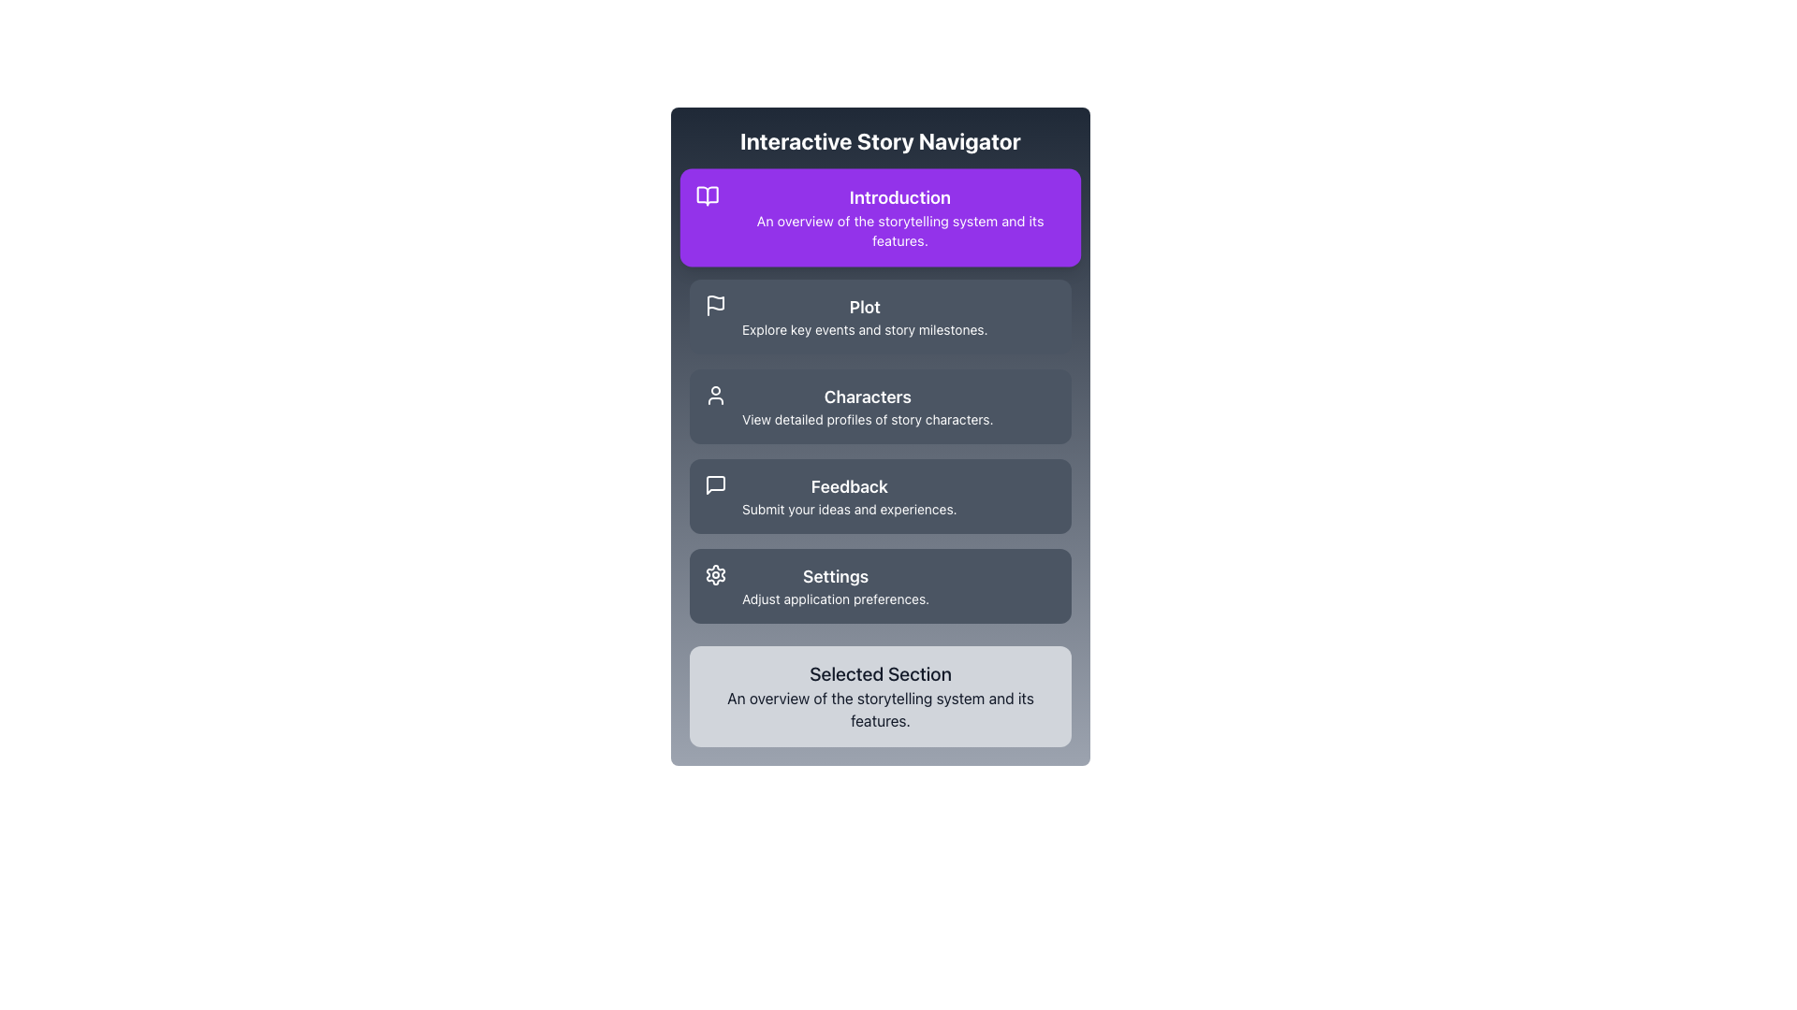  Describe the element at coordinates (714, 484) in the screenshot. I see `the speech bubble icon located to the left of the 'Feedback' text label in the fourth interactive item of the vertical navigation menu` at that location.